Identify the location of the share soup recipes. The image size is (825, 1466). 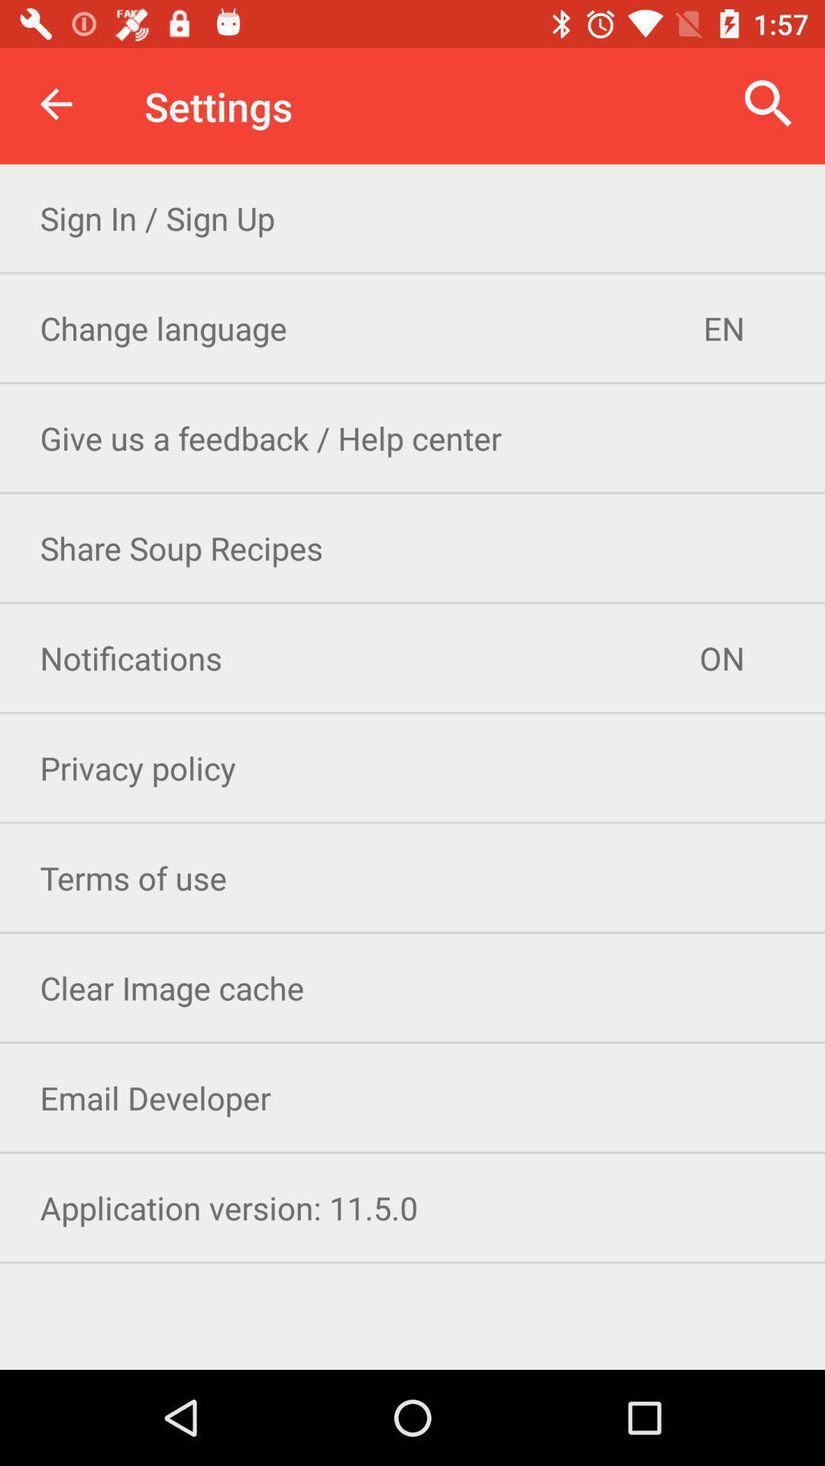
(412, 547).